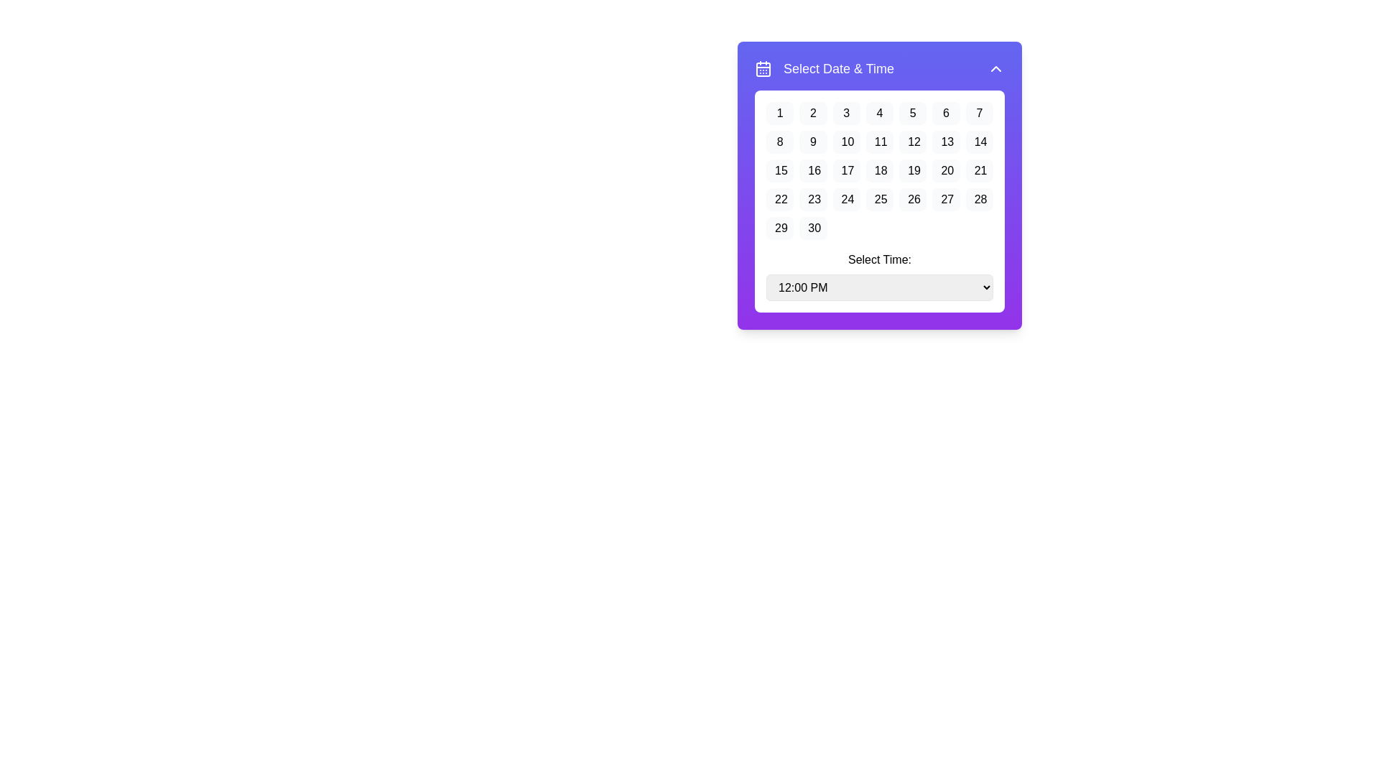 This screenshot has height=776, width=1379. Describe the element at coordinates (824, 69) in the screenshot. I see `displayed text 'Select Date & Time' and the calendar icon from the Label element located at the top-left corner of the purple box` at that location.